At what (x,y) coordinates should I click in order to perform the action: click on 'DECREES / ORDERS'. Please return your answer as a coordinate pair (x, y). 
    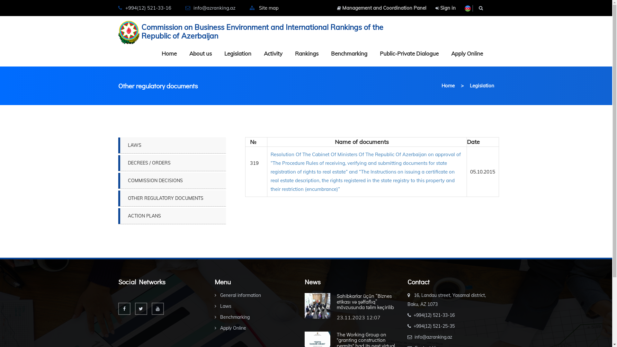
    Looking at the image, I should click on (172, 162).